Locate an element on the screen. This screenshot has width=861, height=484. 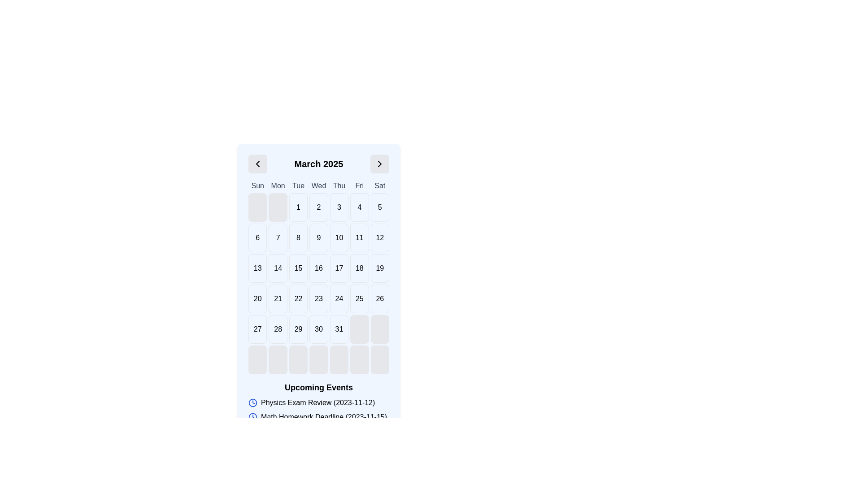
the button representing the 10th day in the calendar is located at coordinates (339, 238).